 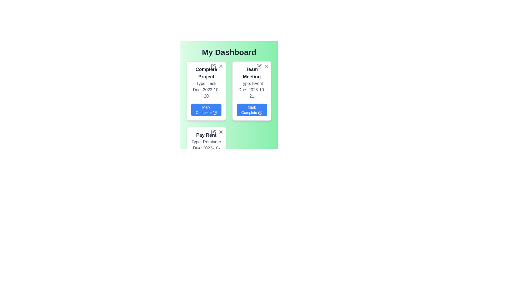 I want to click on the 'Mark Complete' button, which is a blue rectangular button with white text and a checkmark icon, located in the bottom area of the 'Complete Project' card, so click(x=206, y=109).